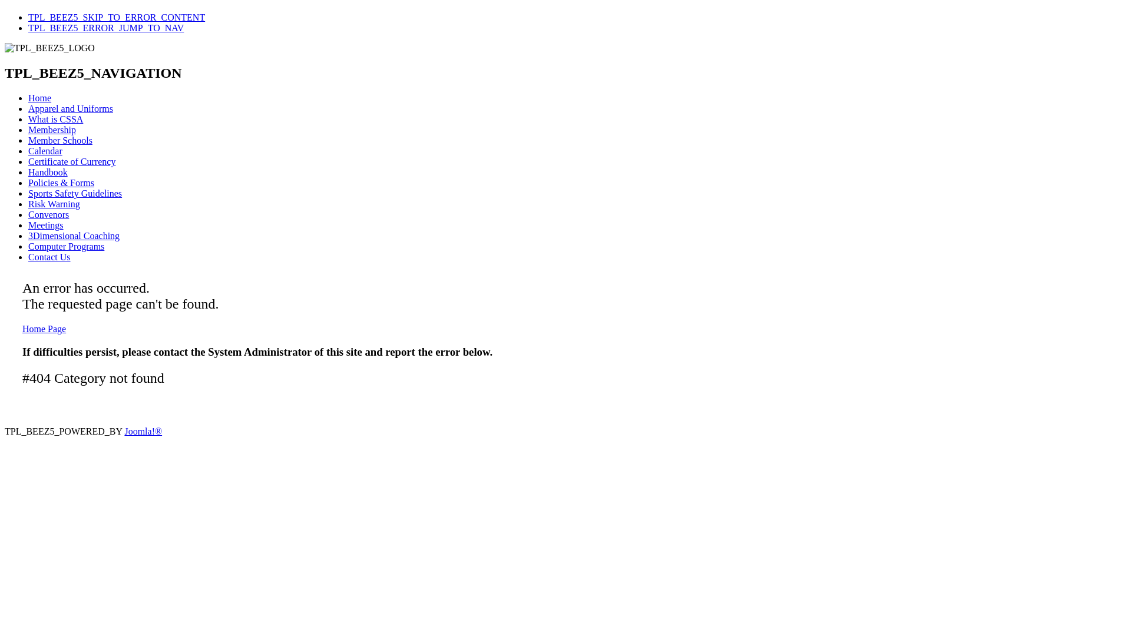  Describe the element at coordinates (70, 108) in the screenshot. I see `'Apparel and Uniforms'` at that location.